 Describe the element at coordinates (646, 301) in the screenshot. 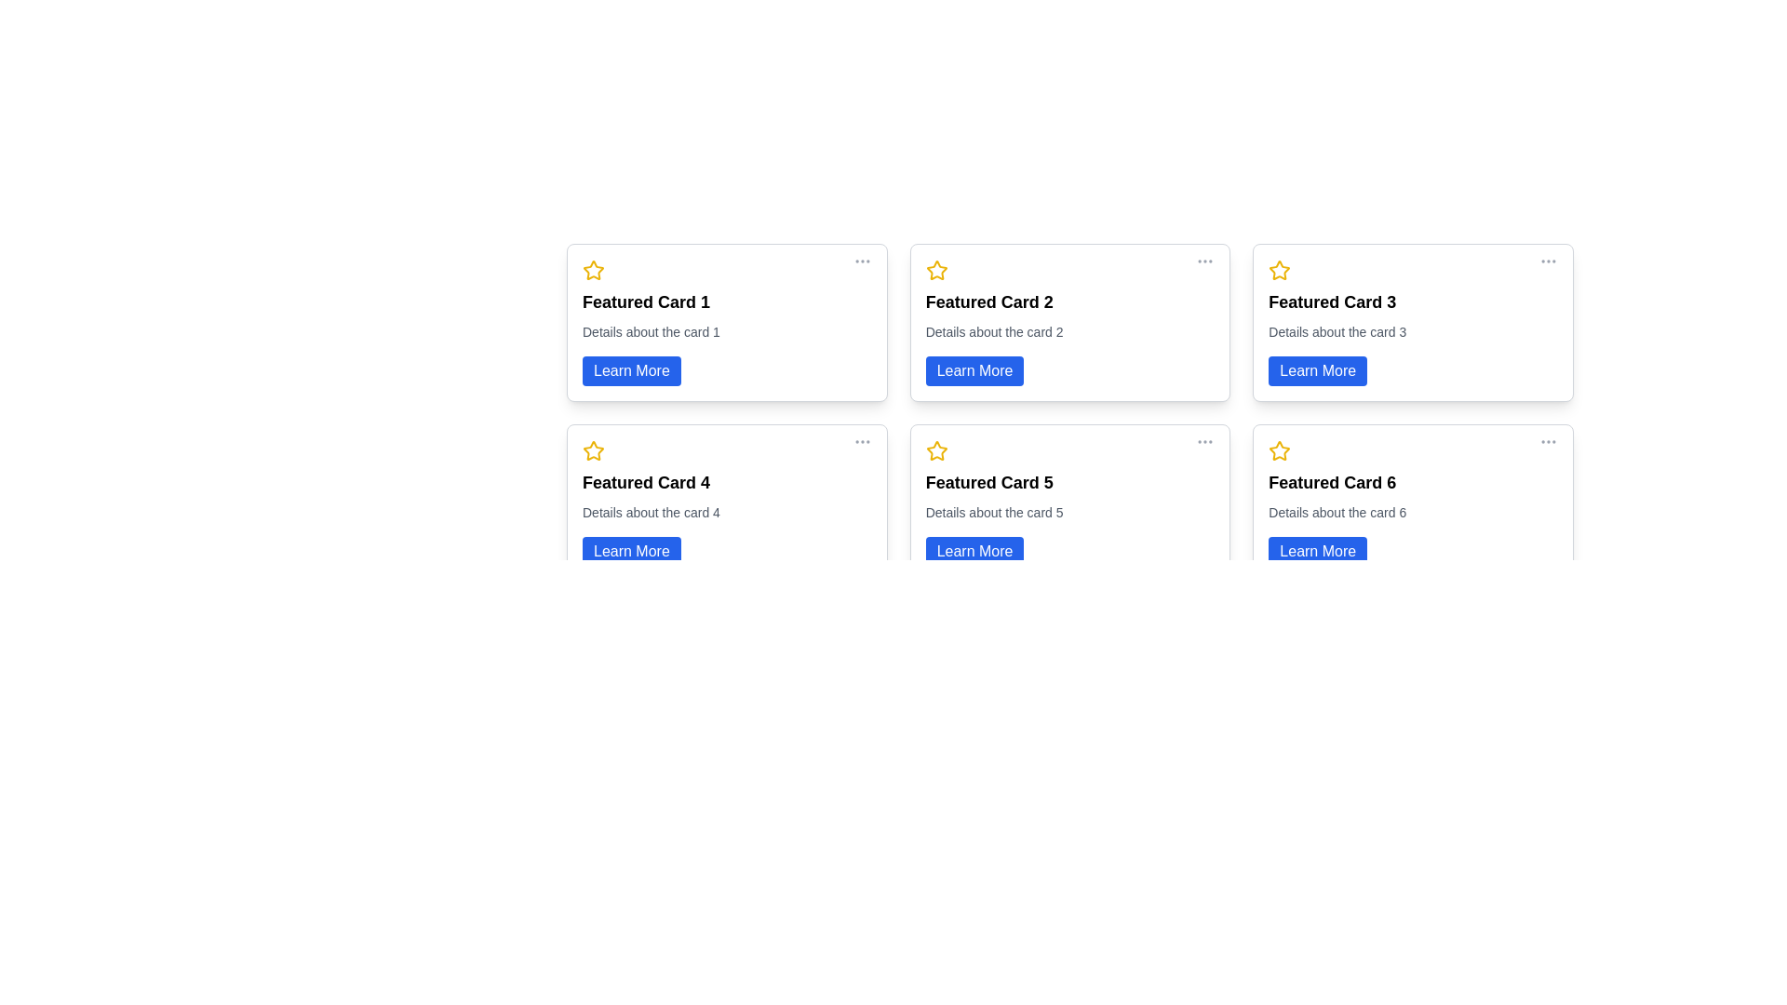

I see `the bold textual header 'Featured Card 1' styled with 'text-lg font-semibold mb-2' located in the first card of the grid layout` at that location.